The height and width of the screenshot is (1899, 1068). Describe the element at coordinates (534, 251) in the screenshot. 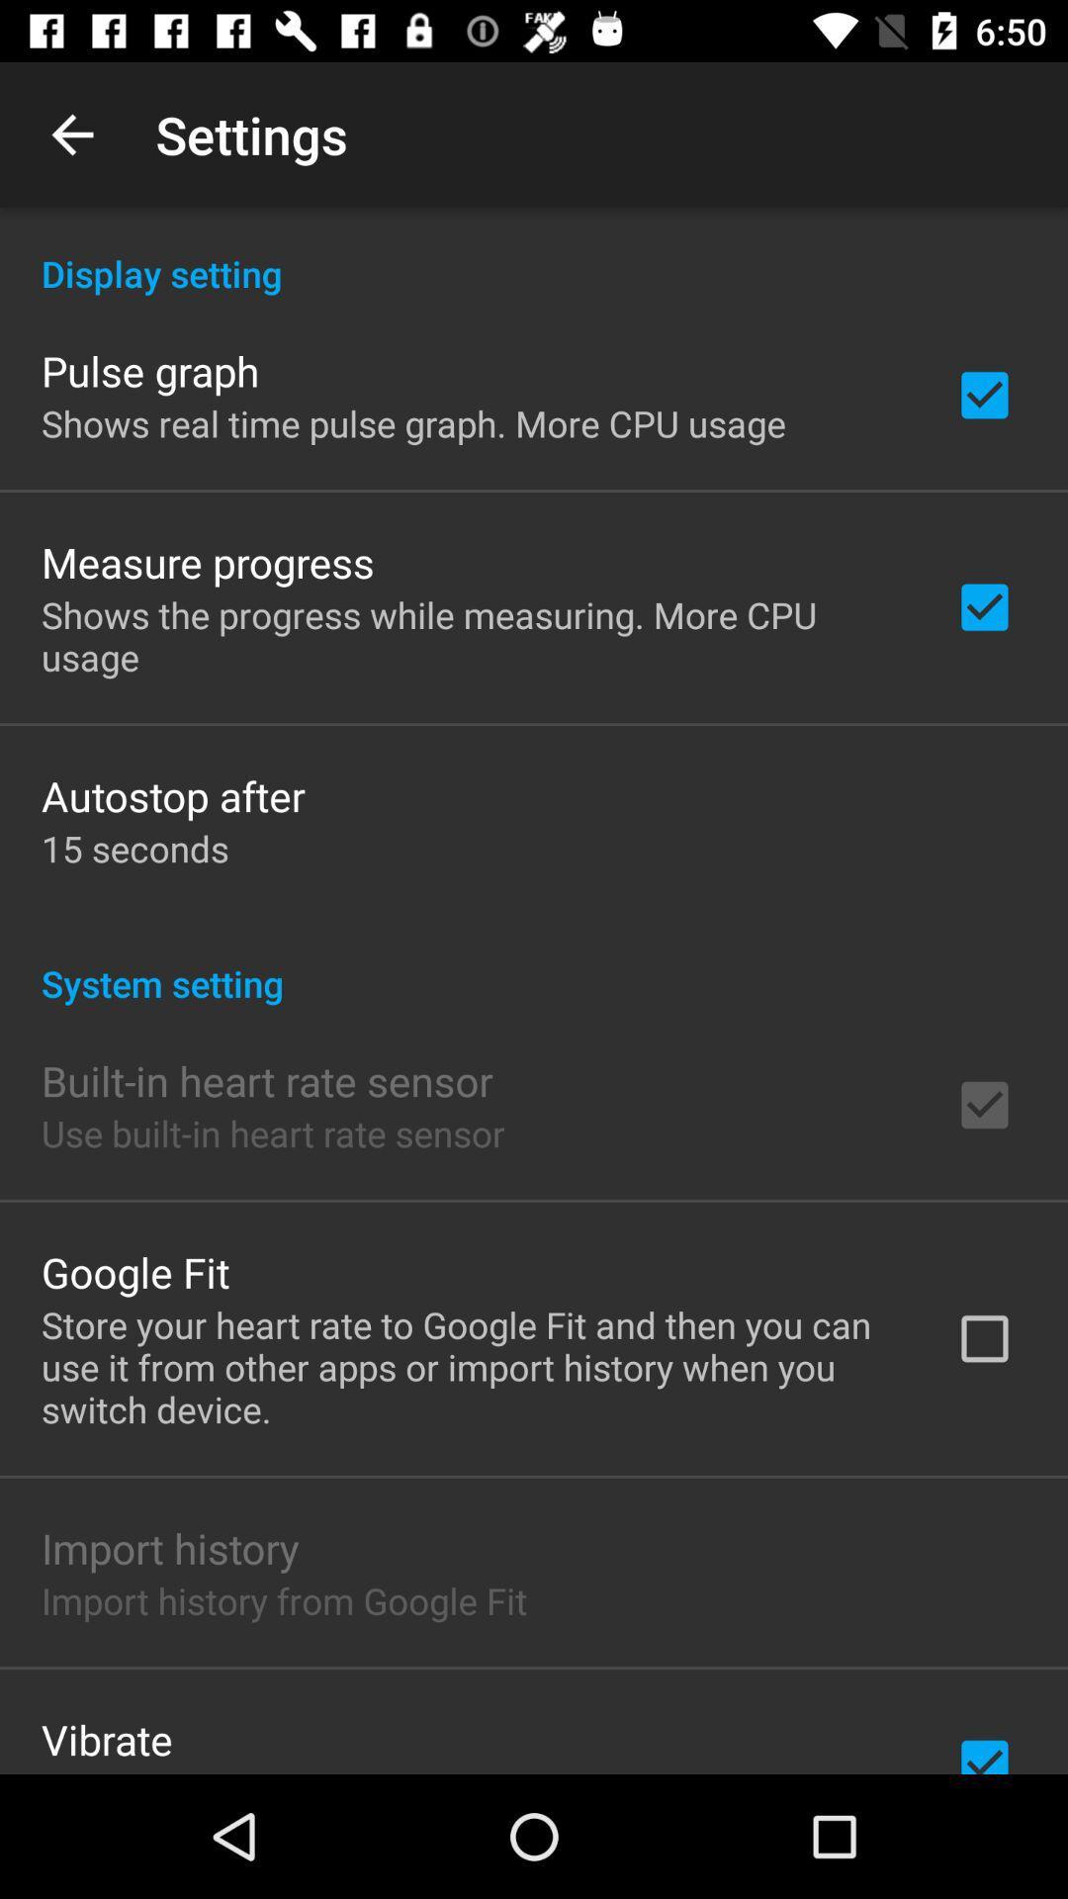

I see `icon above the pulse graph icon` at that location.